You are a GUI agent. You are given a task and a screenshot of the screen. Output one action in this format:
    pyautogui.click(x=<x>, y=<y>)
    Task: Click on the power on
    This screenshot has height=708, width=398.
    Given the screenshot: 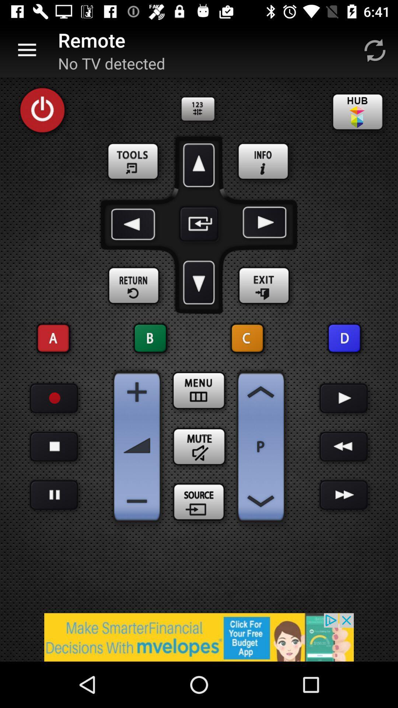 What is the action you would take?
    pyautogui.click(x=42, y=110)
    